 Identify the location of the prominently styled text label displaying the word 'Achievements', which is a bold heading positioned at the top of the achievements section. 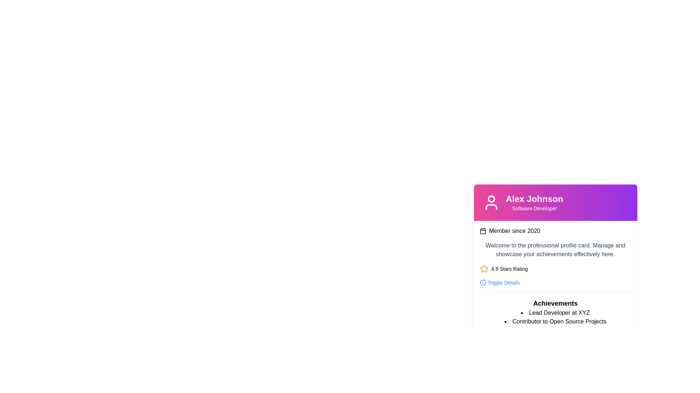
(555, 303).